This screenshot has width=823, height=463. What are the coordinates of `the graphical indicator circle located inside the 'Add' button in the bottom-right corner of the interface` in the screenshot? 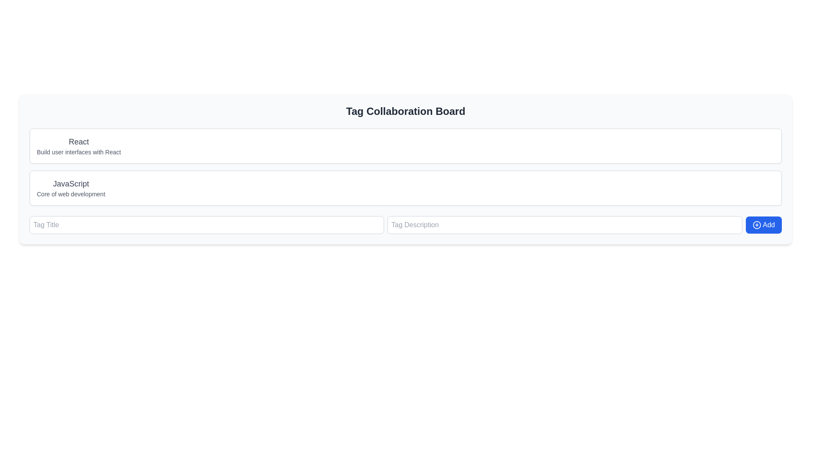 It's located at (757, 224).